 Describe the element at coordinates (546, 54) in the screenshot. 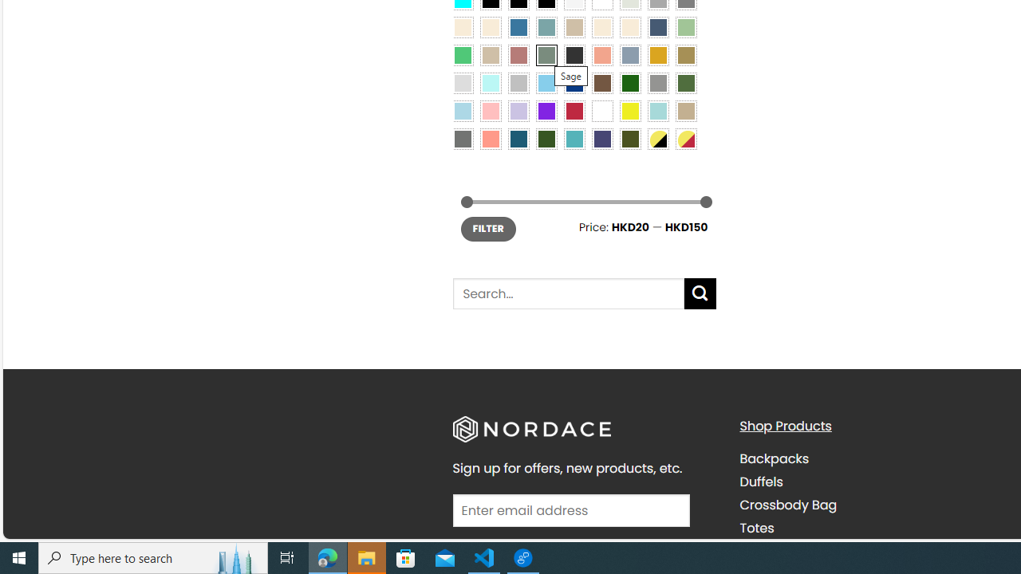

I see `'Sage'` at that location.